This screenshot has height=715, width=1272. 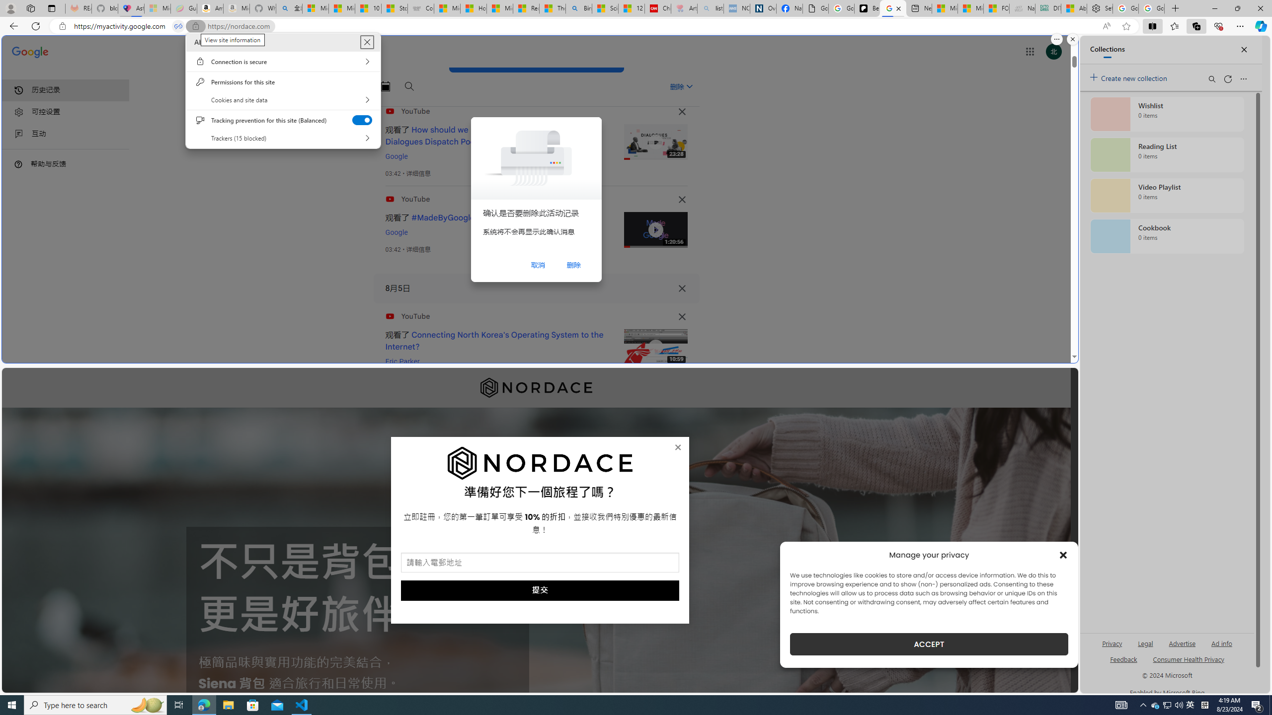 What do you see at coordinates (282, 81) in the screenshot?
I see `'Permissions for this site'` at bounding box center [282, 81].